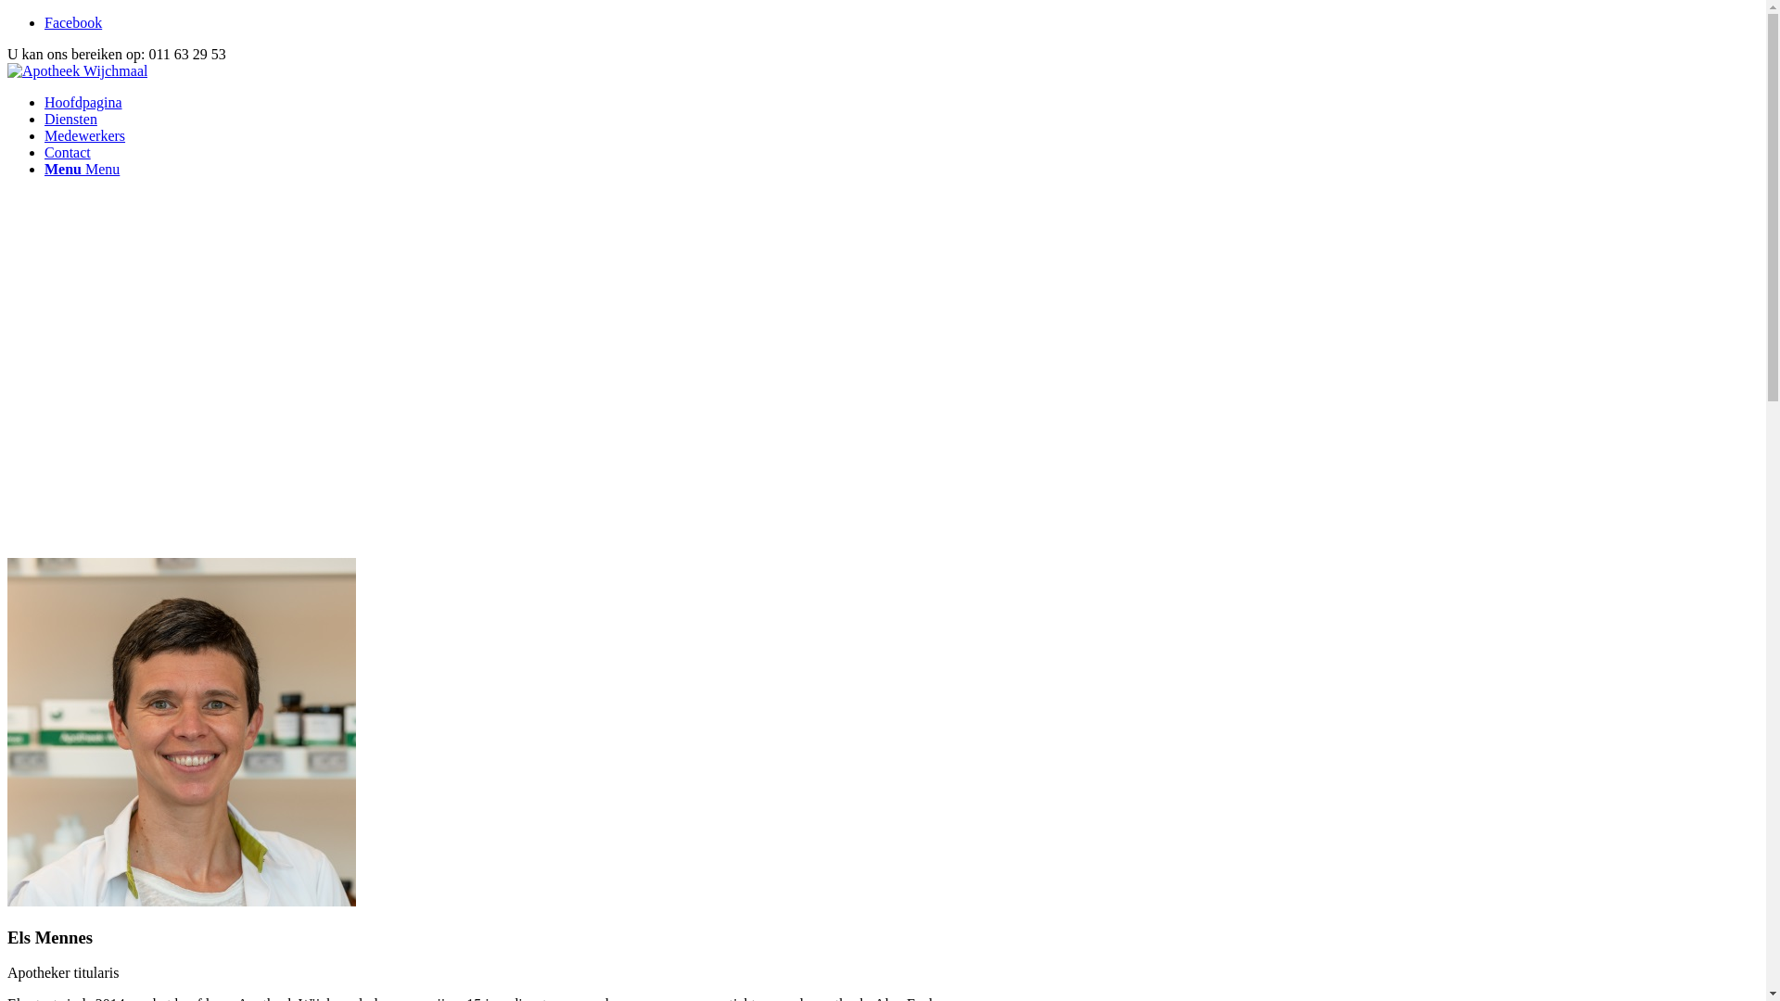  What do you see at coordinates (44, 169) in the screenshot?
I see `'Menu Menu'` at bounding box center [44, 169].